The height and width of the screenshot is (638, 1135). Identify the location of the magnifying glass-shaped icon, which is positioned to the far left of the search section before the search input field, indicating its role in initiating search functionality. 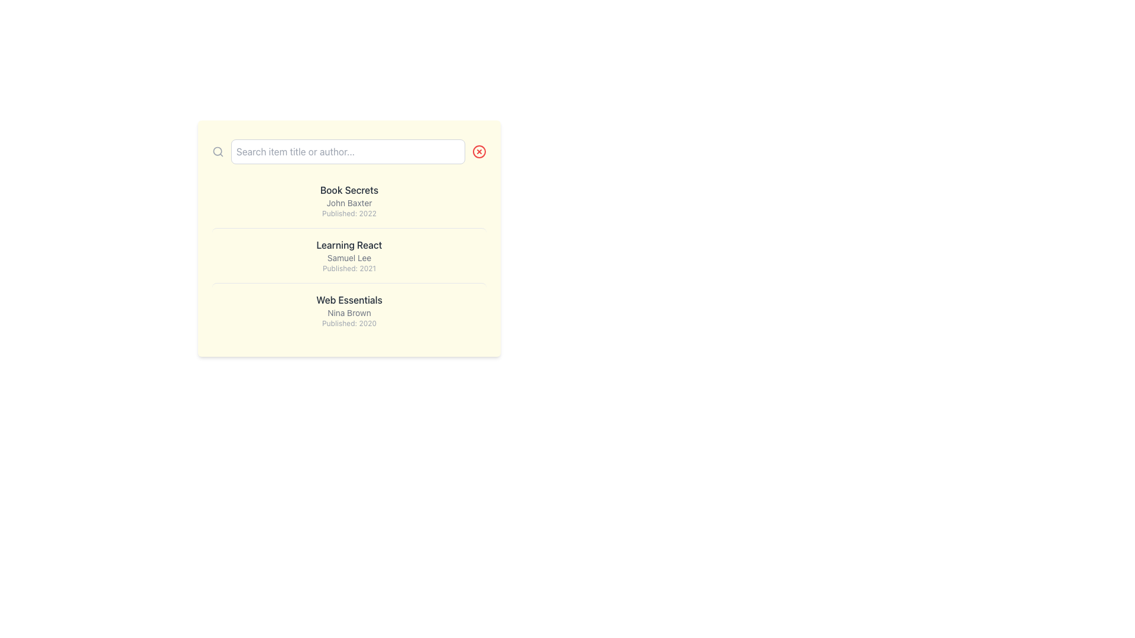
(218, 151).